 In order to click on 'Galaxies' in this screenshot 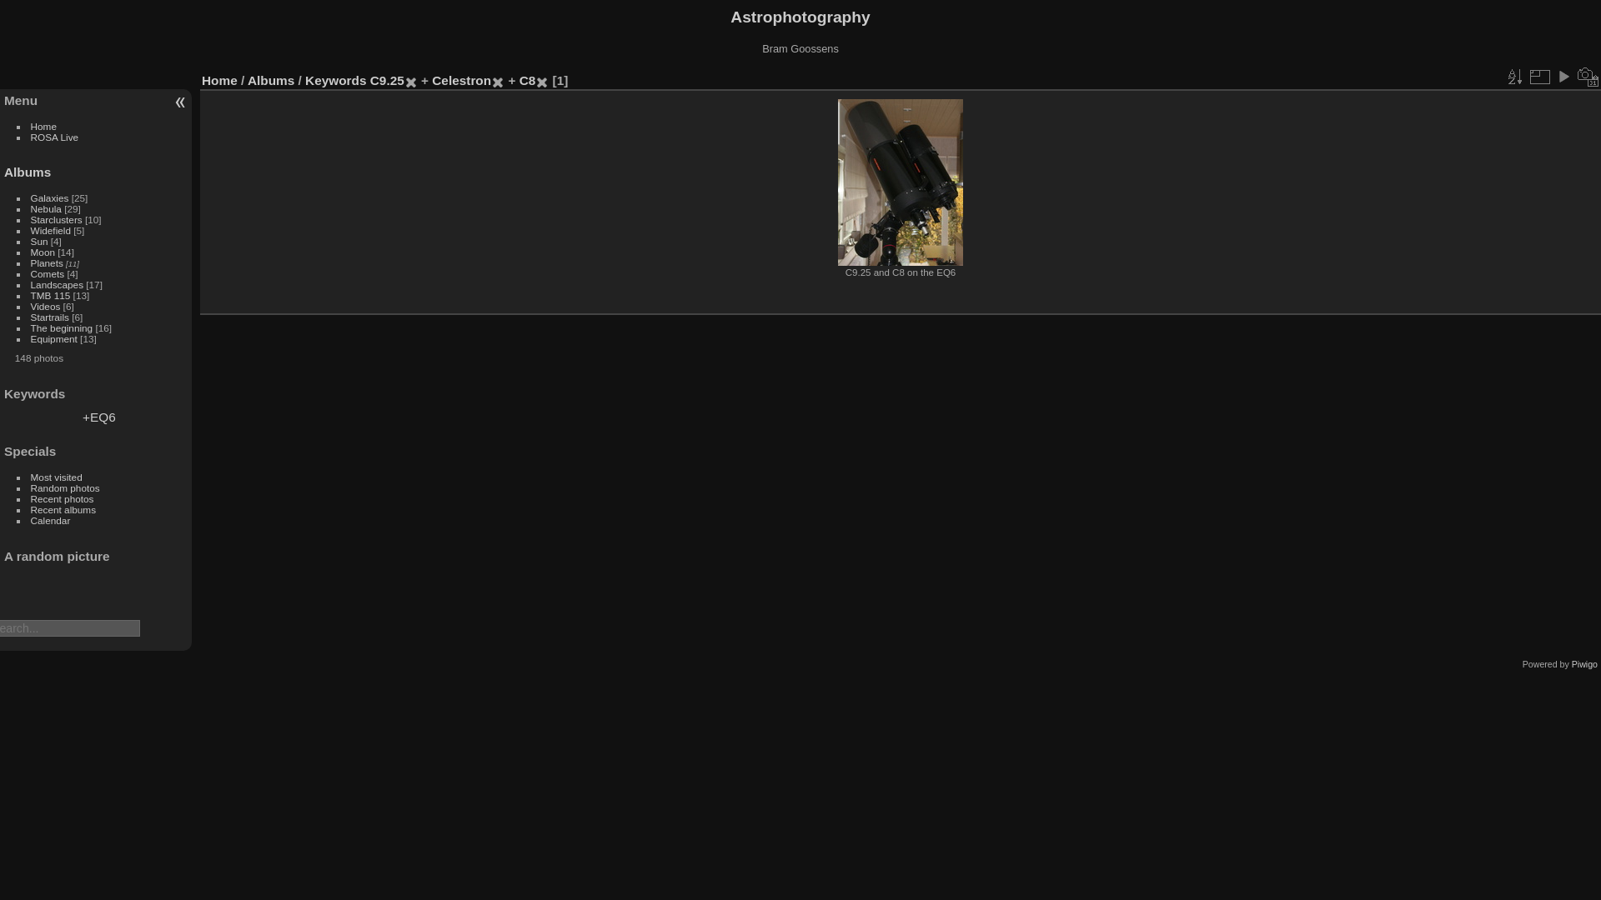, I will do `click(31, 197)`.